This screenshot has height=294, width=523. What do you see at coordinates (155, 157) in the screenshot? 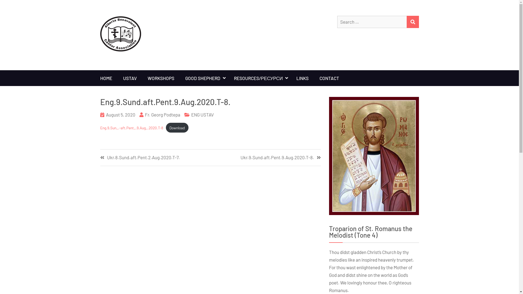
I see `'Ukr.8.Sund.aft.Pent.2.Aug.2020.T-7.'` at bounding box center [155, 157].